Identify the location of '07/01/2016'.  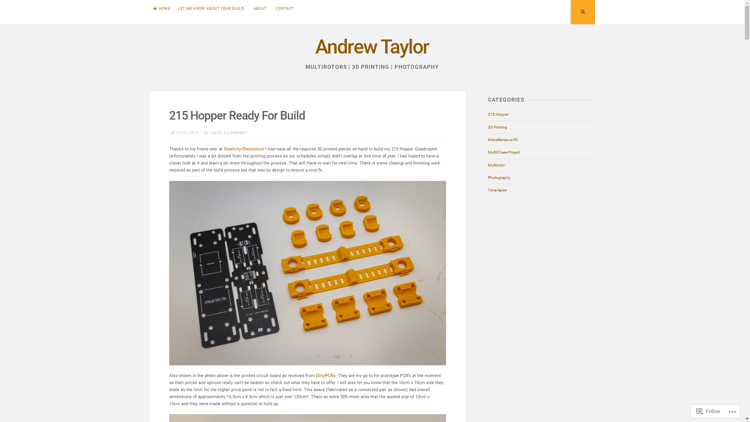
(187, 132).